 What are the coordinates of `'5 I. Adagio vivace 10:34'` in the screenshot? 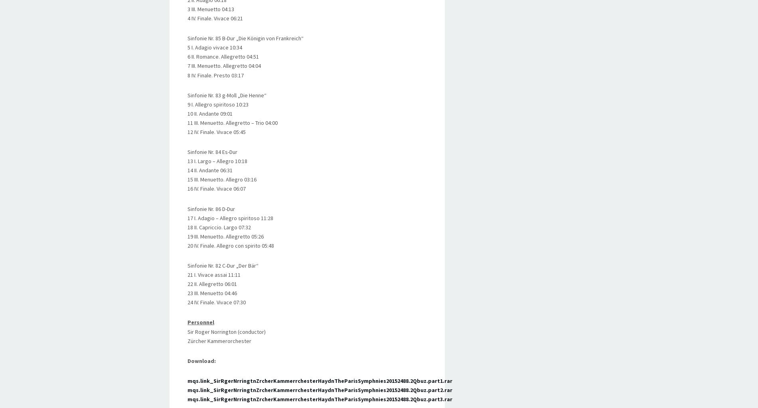 It's located at (215, 47).